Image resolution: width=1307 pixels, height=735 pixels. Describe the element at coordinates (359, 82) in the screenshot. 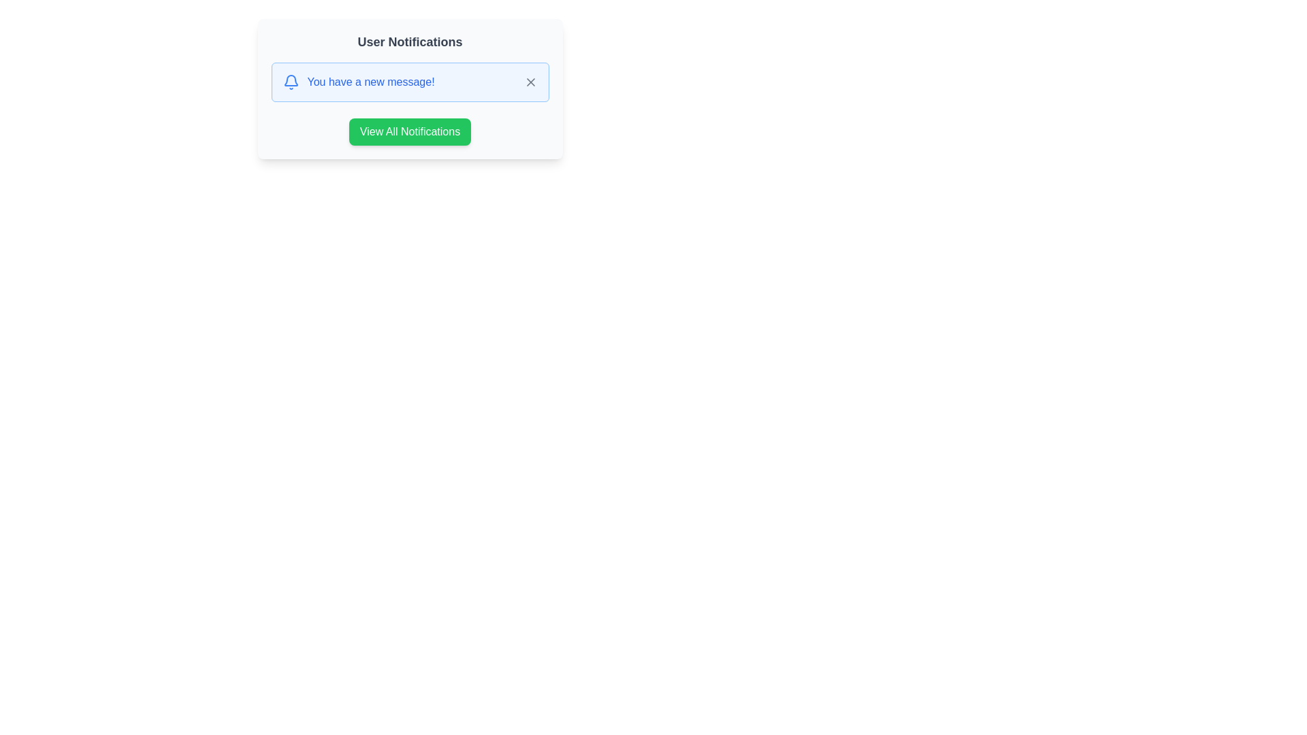

I see `message displayed in the text label that says 'You have a new message!' which is styled with a blue font color and is part of a notification section` at that location.